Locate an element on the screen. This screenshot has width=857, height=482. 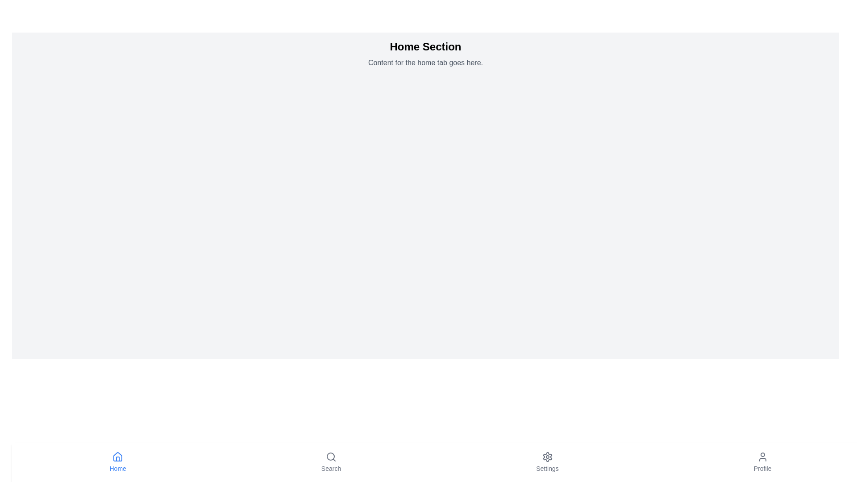
the gear-shaped icon representing 'Settings' located in the bottom navigation bar is located at coordinates (547, 457).